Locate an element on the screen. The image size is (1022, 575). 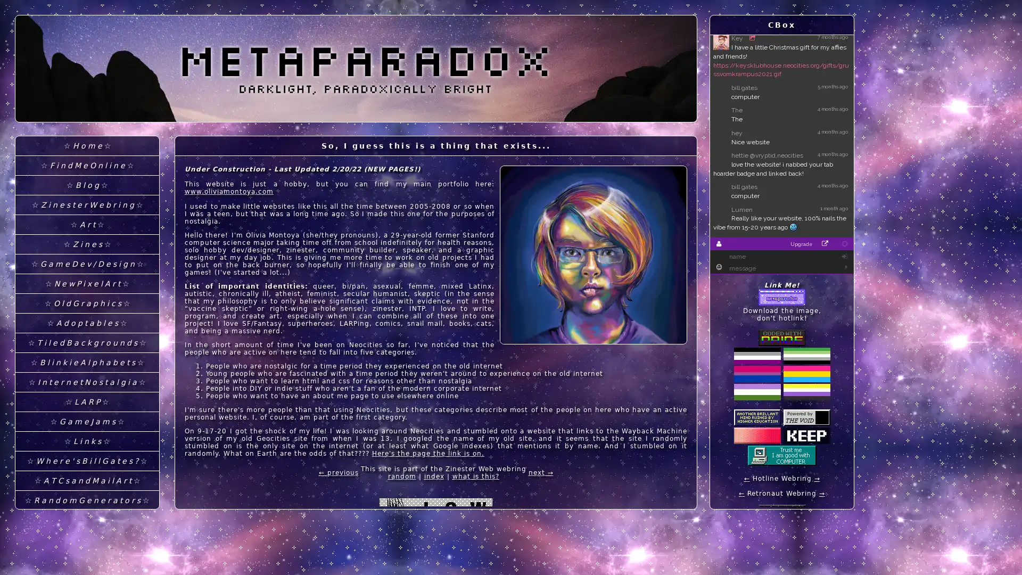
A r t is located at coordinates (87, 224).